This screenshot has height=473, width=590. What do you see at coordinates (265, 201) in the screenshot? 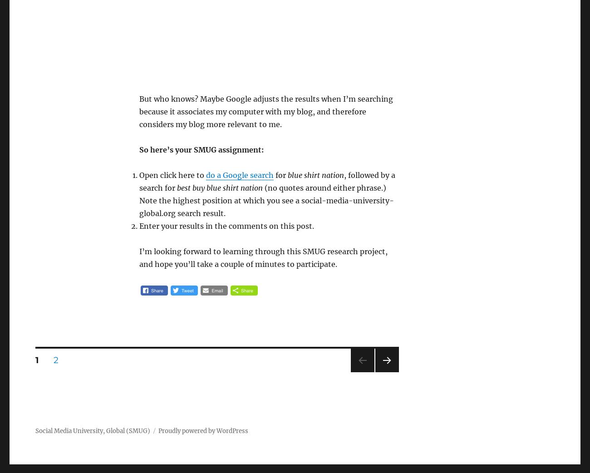
I see `'(no quotes around either phrase.) Note the highest position at which you see a social-media-university-global.org search result.'` at bounding box center [265, 201].